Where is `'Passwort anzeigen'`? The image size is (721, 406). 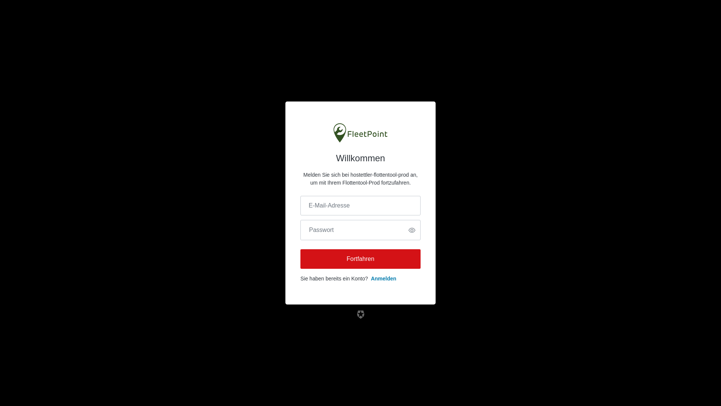
'Passwort anzeigen' is located at coordinates (412, 230).